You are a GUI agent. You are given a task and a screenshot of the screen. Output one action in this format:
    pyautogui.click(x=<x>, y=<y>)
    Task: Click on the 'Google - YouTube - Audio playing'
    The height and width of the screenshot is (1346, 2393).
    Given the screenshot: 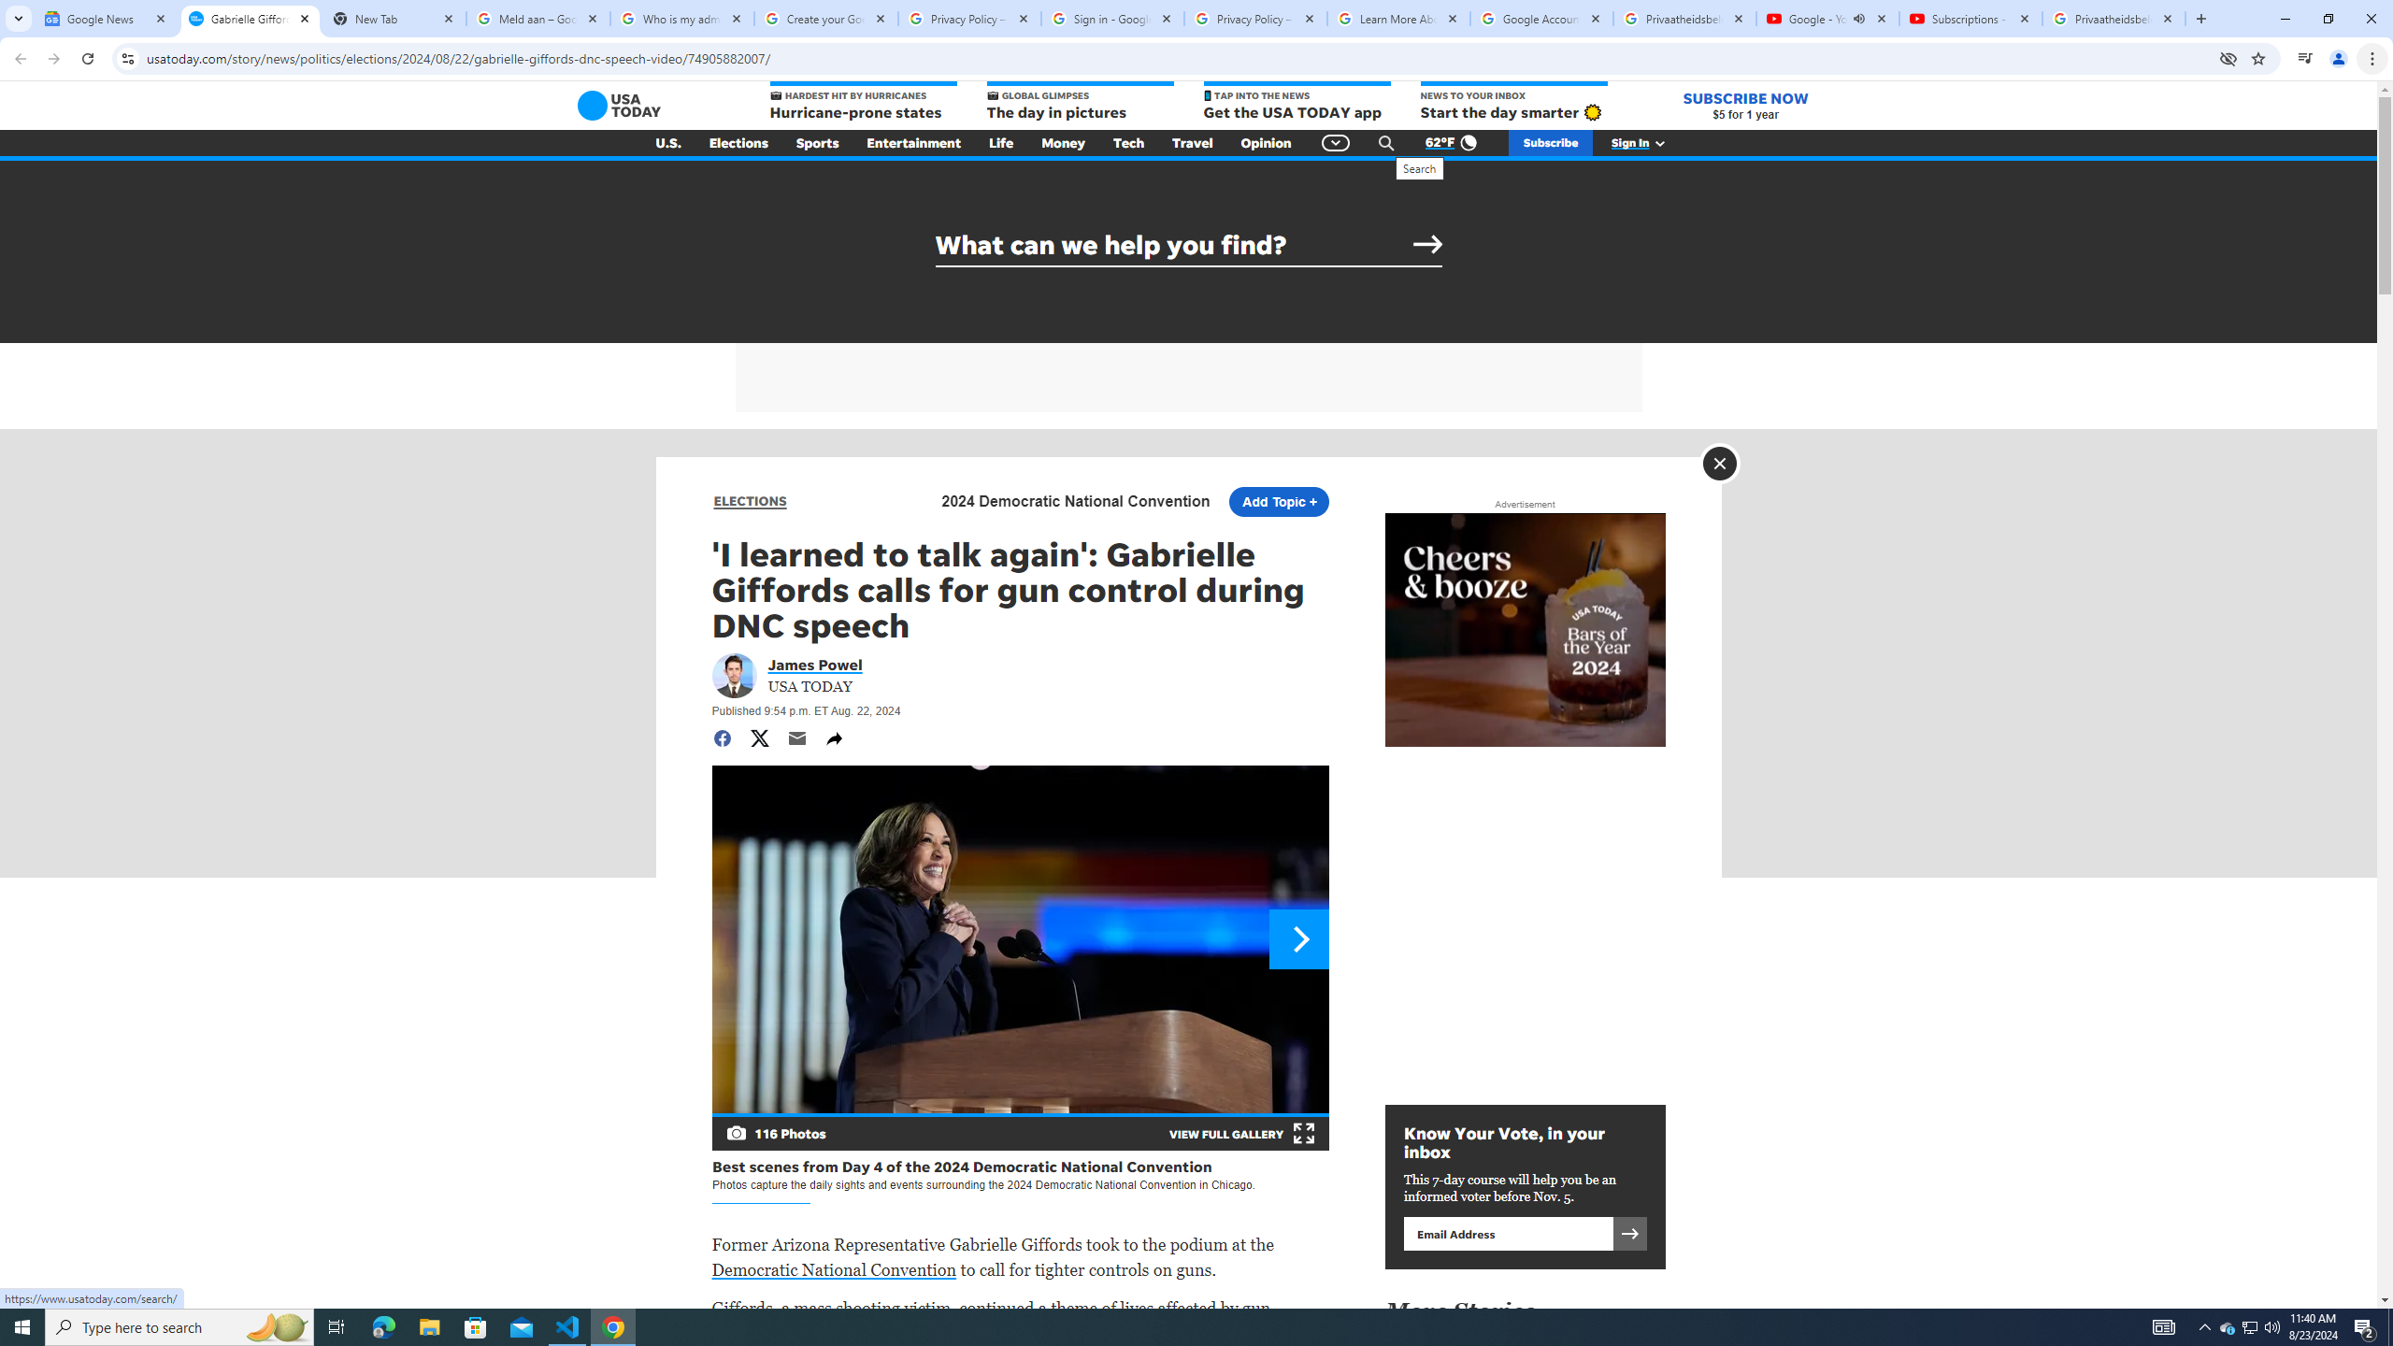 What is the action you would take?
    pyautogui.click(x=1826, y=18)
    